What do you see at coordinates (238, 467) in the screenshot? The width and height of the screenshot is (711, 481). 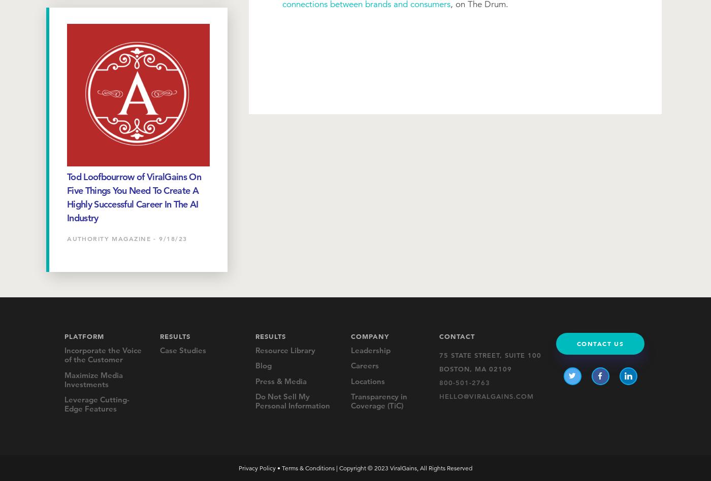 I see `'Privacy Policy'` at bounding box center [238, 467].